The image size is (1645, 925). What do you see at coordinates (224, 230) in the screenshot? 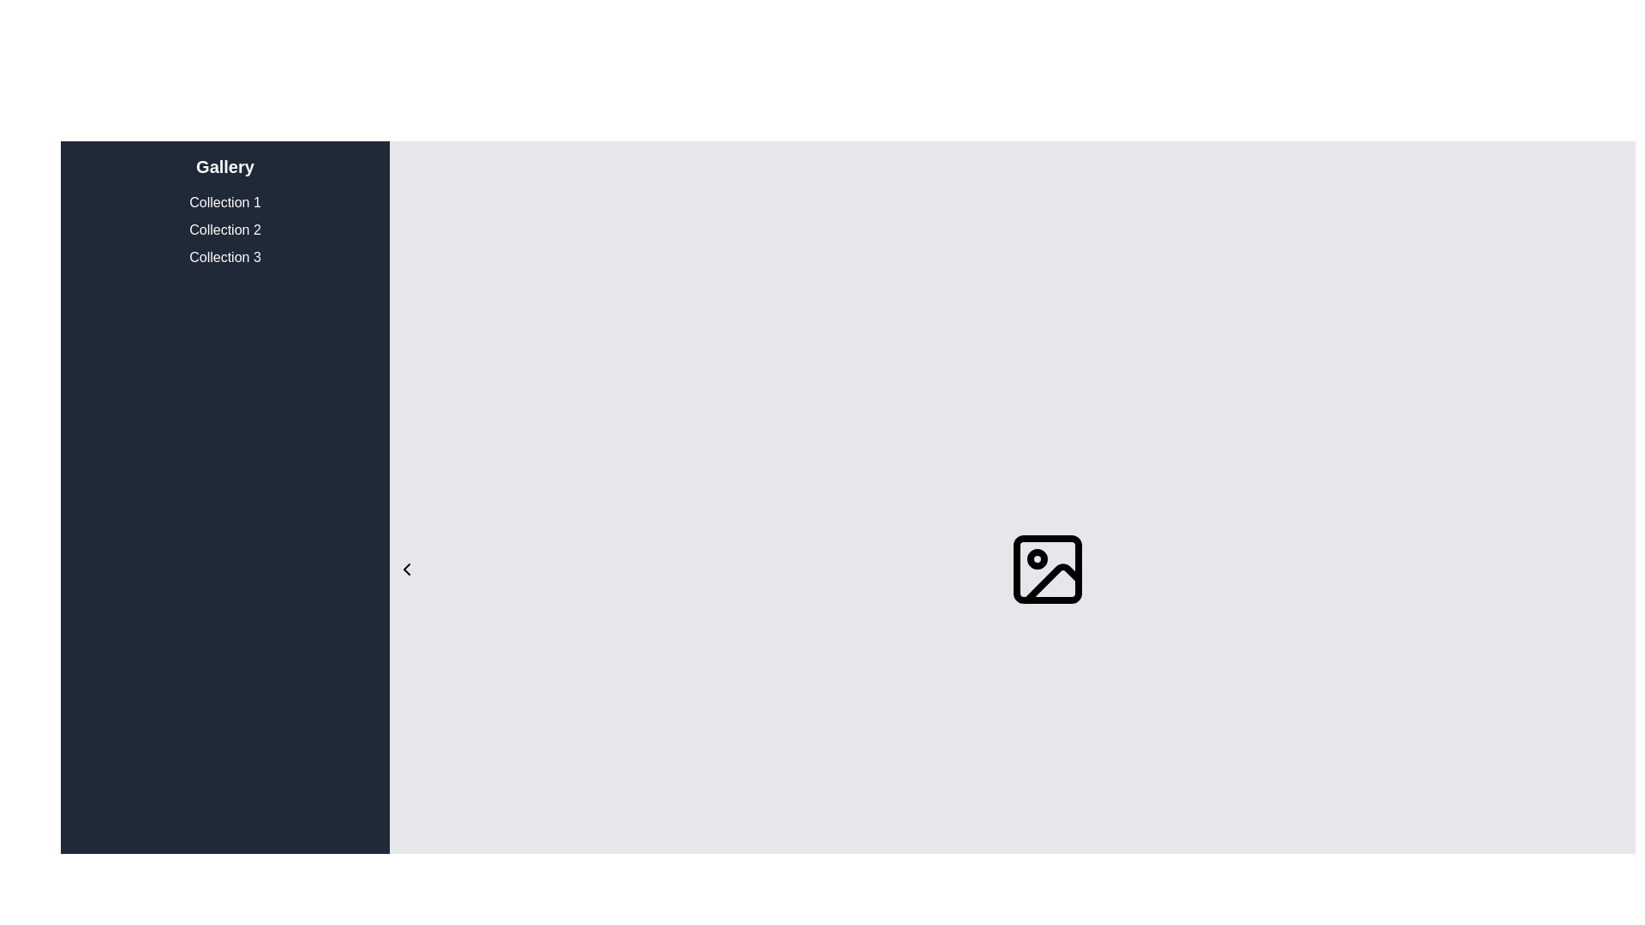
I see `the 'Collection 2' item in the Vertical List Component located in the sidebar below the 'Gallery' heading` at bounding box center [224, 230].